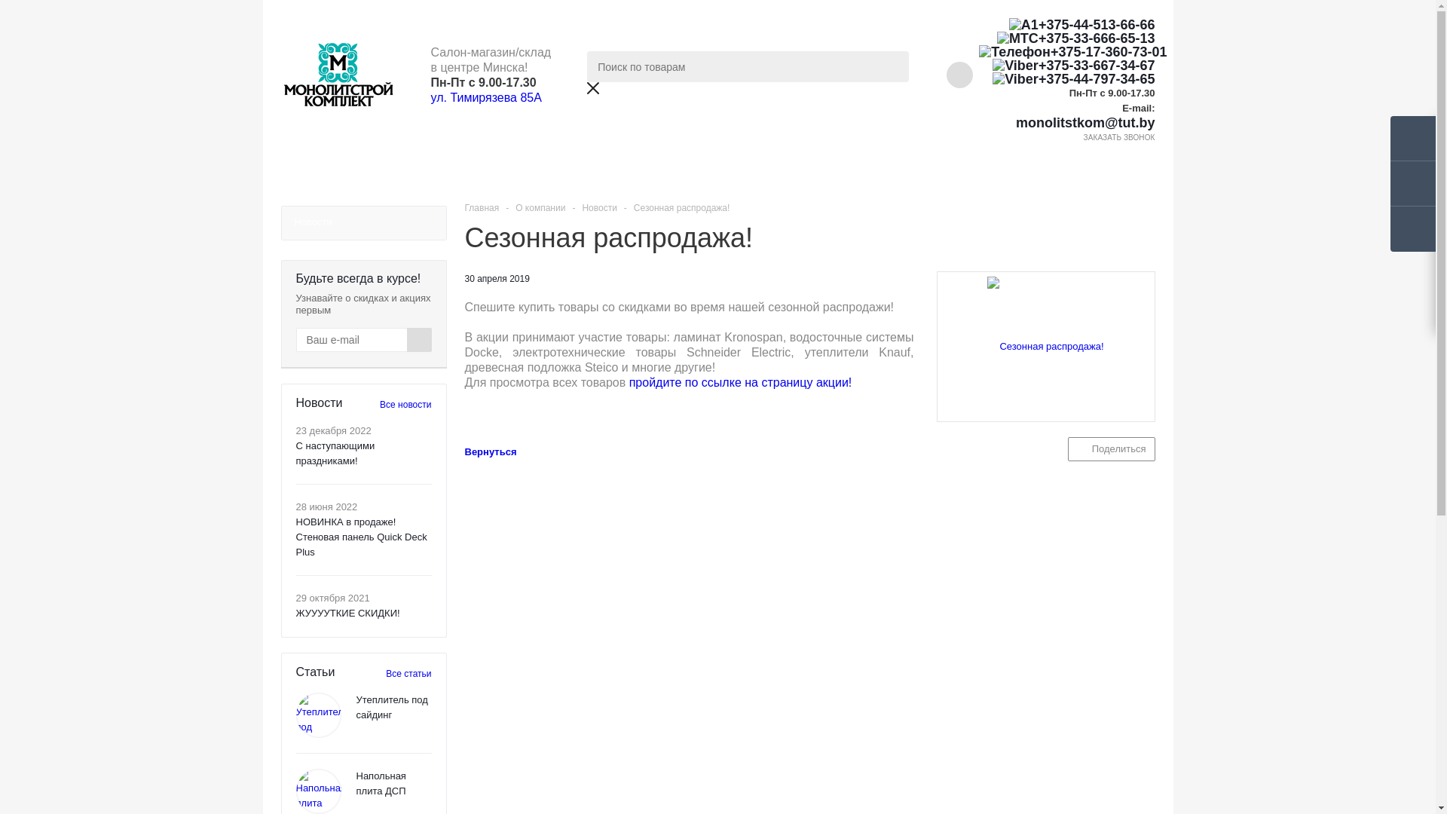 The image size is (1447, 814). What do you see at coordinates (1066, 78) in the screenshot?
I see `'+375-44-797-34-65'` at bounding box center [1066, 78].